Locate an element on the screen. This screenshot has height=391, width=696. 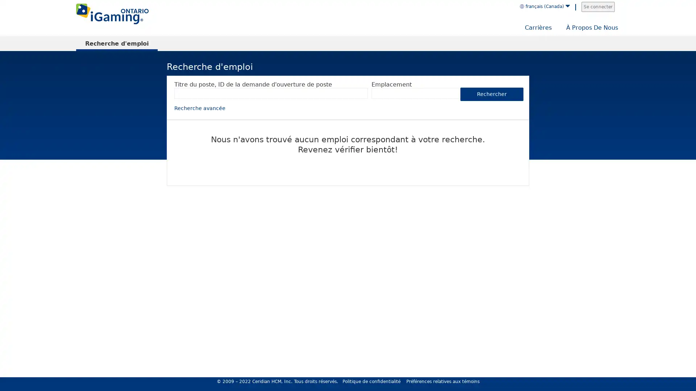
Annuler is located at coordinates (688, 256).